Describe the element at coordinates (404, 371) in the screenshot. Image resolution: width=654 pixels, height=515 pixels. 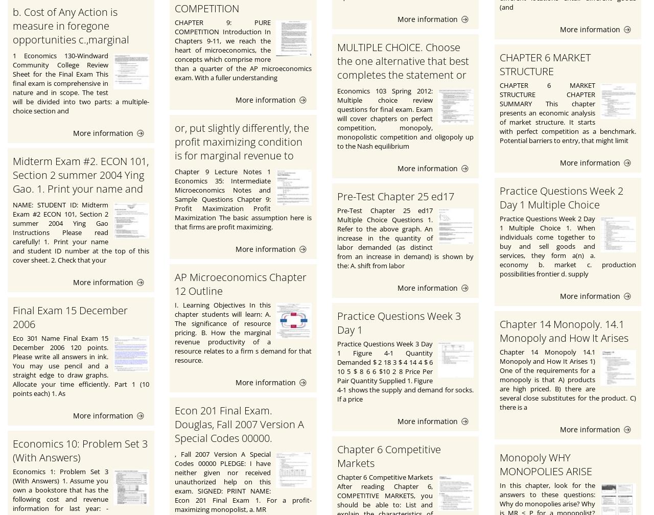
I see `'Practice Questions Week 3 Day 1 Figure 4-1 Quantity Demanded $ 2 18 3 $ 4 14 4 $ 6 10 5 $ 8 6 6 $10 2 8 Price Per Pair Quantity Supplied 1. Figure 4-1 shows the supply and demand for socks. If a price'` at that location.